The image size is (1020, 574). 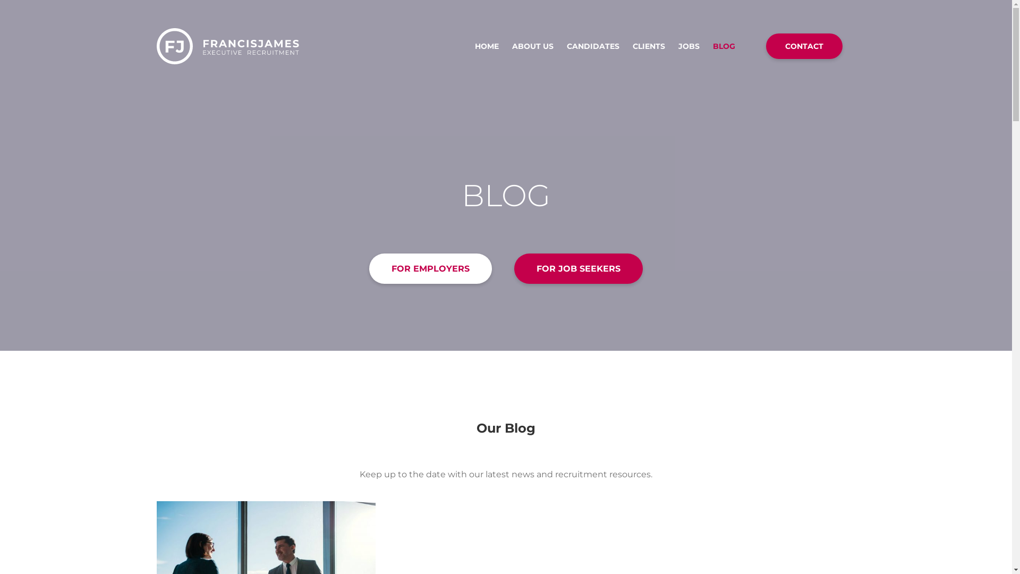 I want to click on 'ABOUT US', so click(x=533, y=46).